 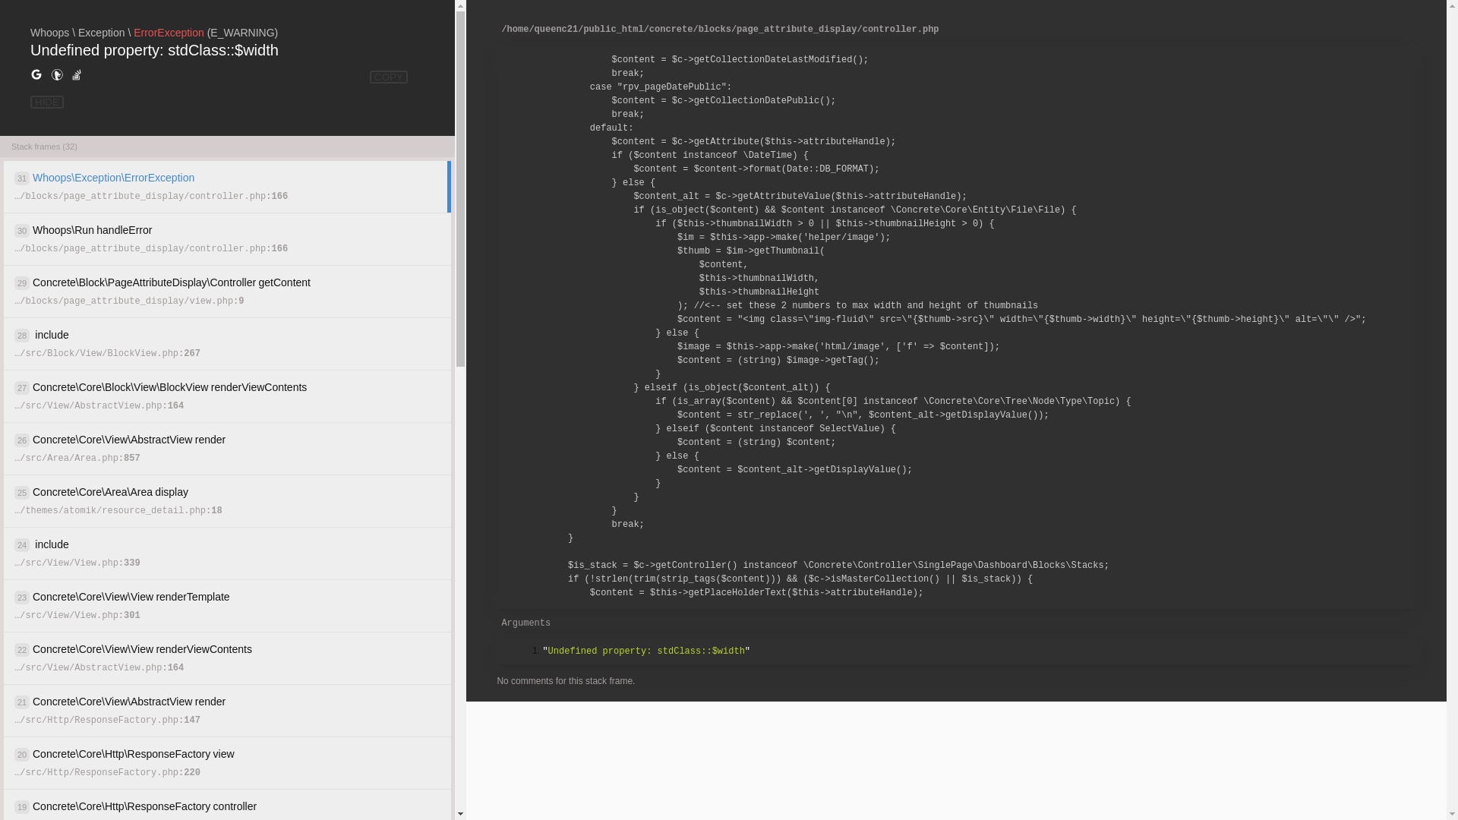 What do you see at coordinates (57, 75) in the screenshot?
I see `'Search for help on DuckDuckGo.'` at bounding box center [57, 75].